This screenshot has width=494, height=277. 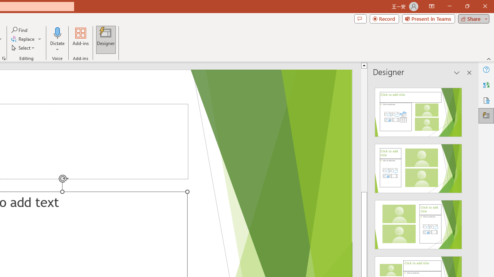 I want to click on 'Recommended Design: Design Idea', so click(x=418, y=110).